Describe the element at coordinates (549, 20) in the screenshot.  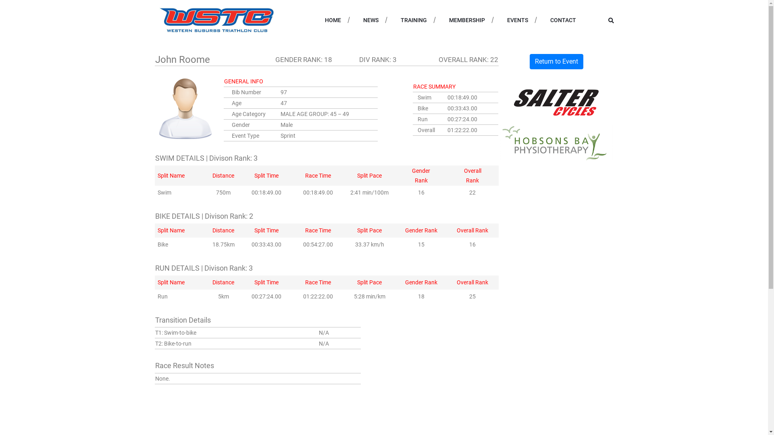
I see `'CONTACT'` at that location.